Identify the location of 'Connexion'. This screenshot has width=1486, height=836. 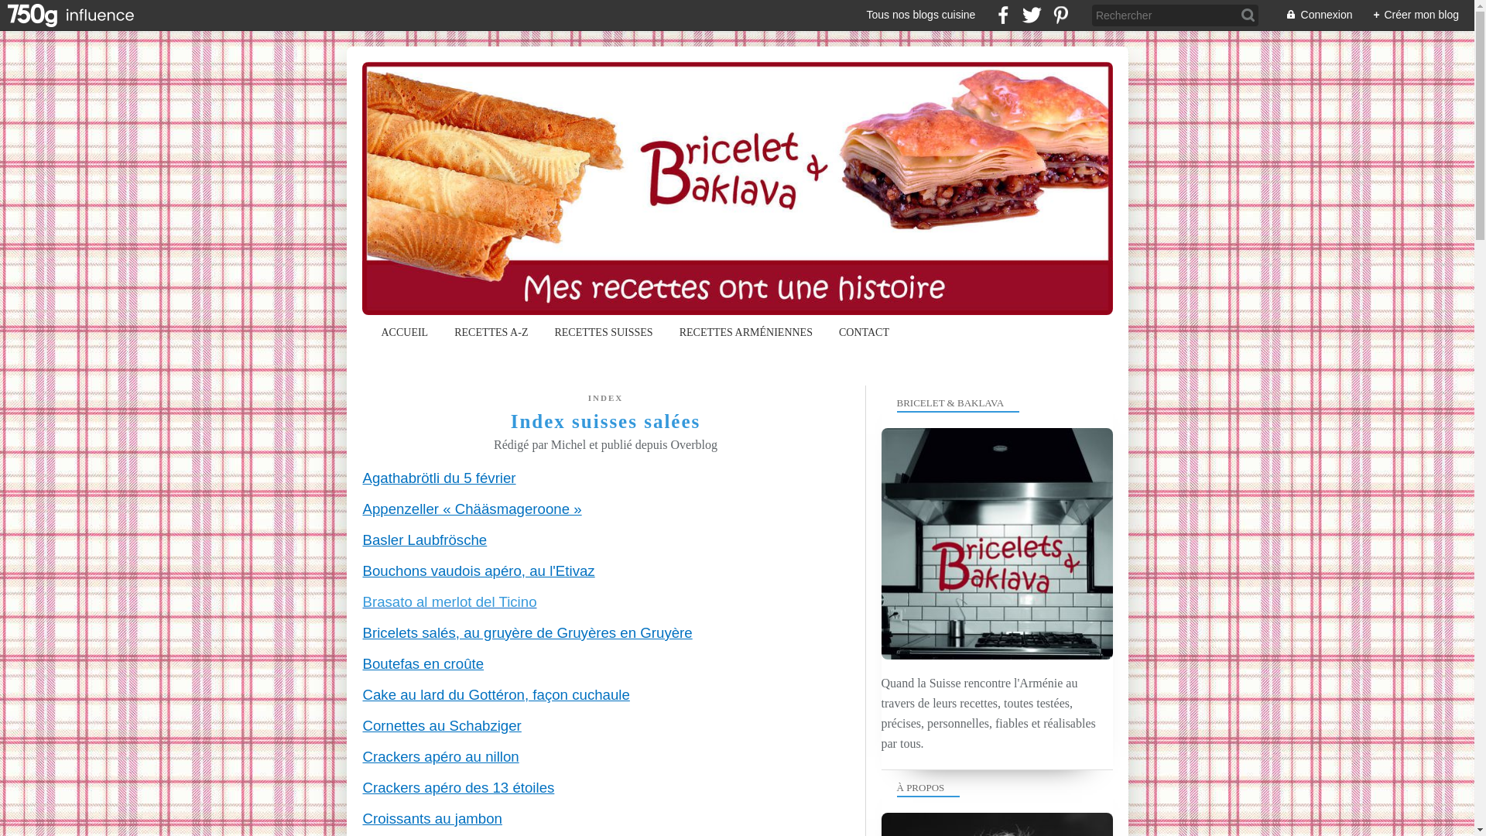
(1269, 15).